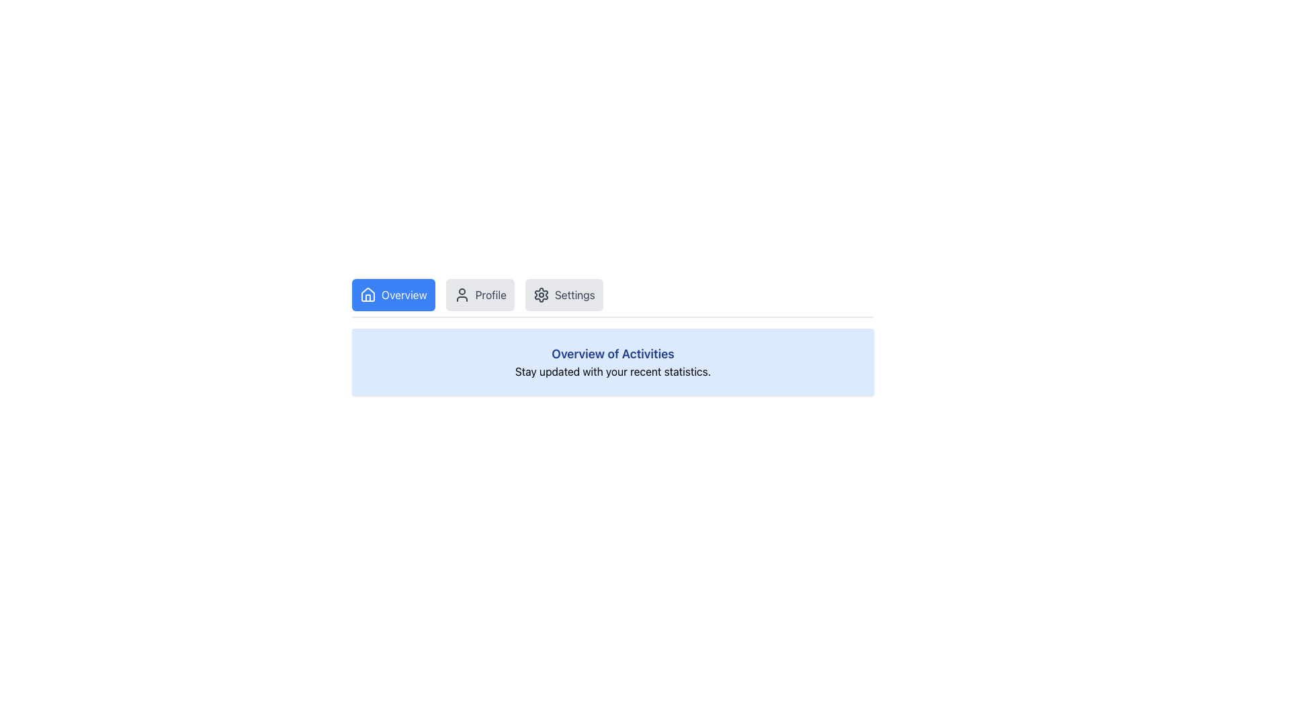 This screenshot has width=1290, height=726. What do you see at coordinates (462, 294) in the screenshot?
I see `the decorative SVG icon representing the 'Profile' button, located between the 'Overview' and 'Settings' buttons` at bounding box center [462, 294].